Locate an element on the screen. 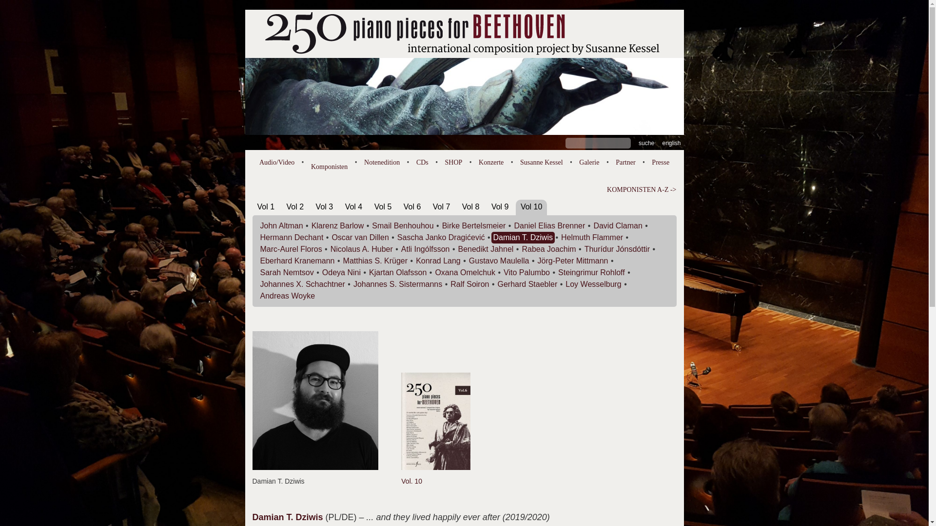  'Johannes S. Sistermanns' is located at coordinates (398, 284).